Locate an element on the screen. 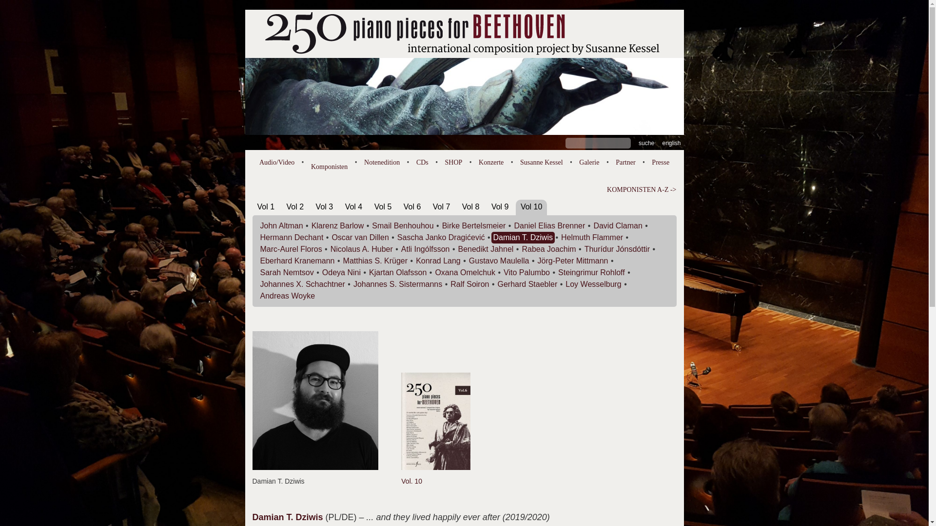  'Johannes S. Sistermanns' is located at coordinates (398, 284).